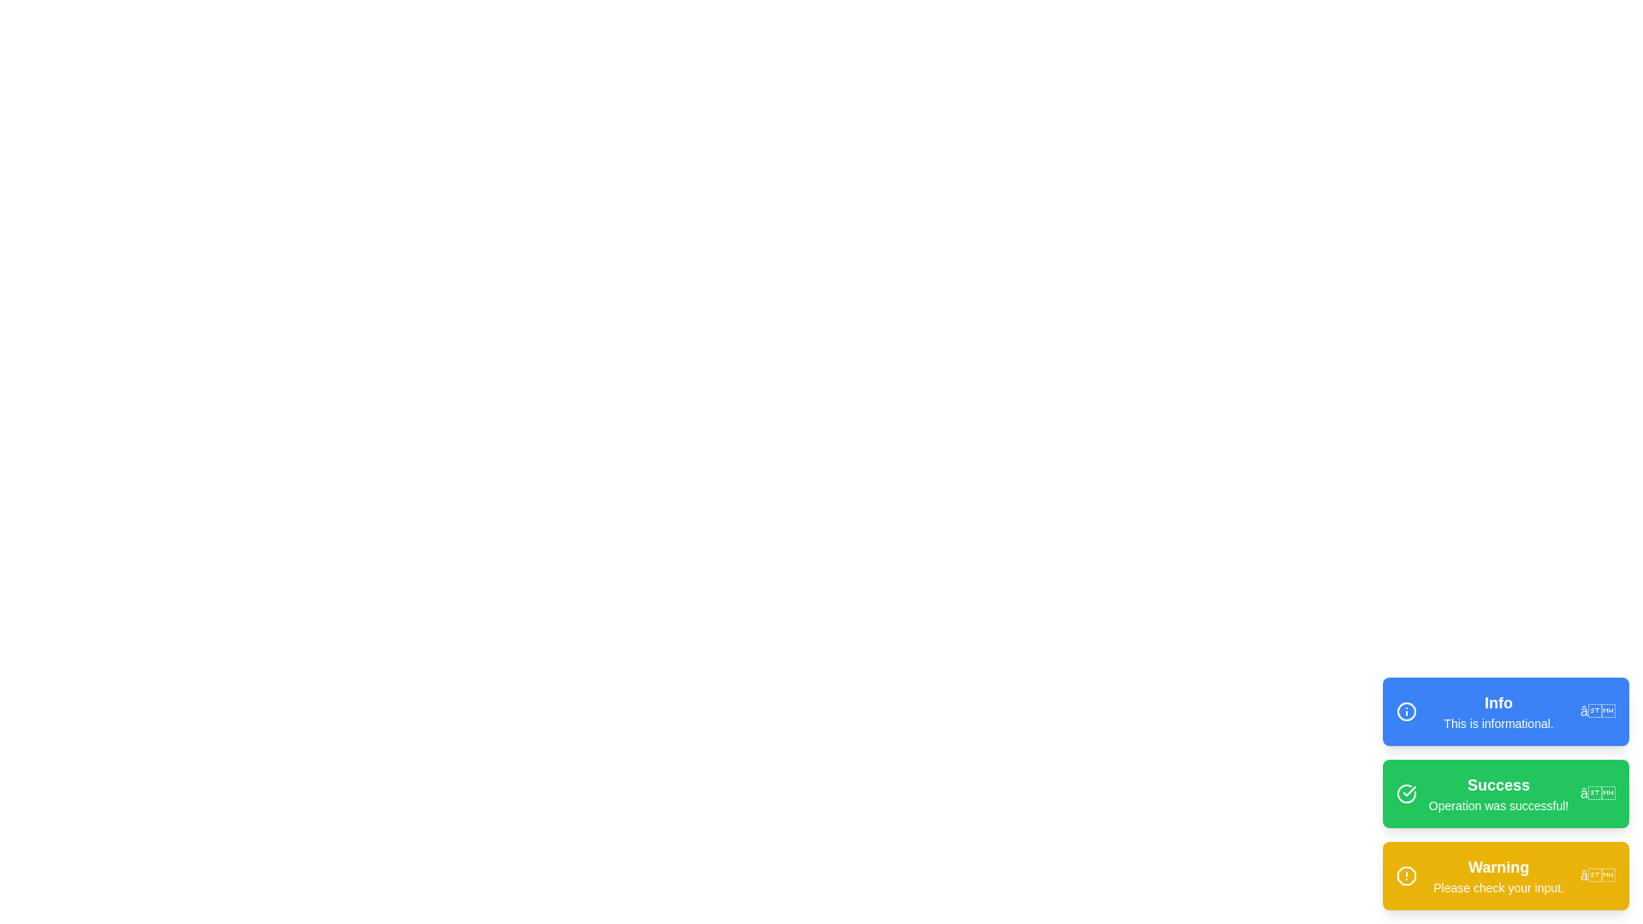  I want to click on bold 'Warning' text displayed in large font size on a yellow background within the notification box located at the bottom of the alert boxes, so click(1498, 868).